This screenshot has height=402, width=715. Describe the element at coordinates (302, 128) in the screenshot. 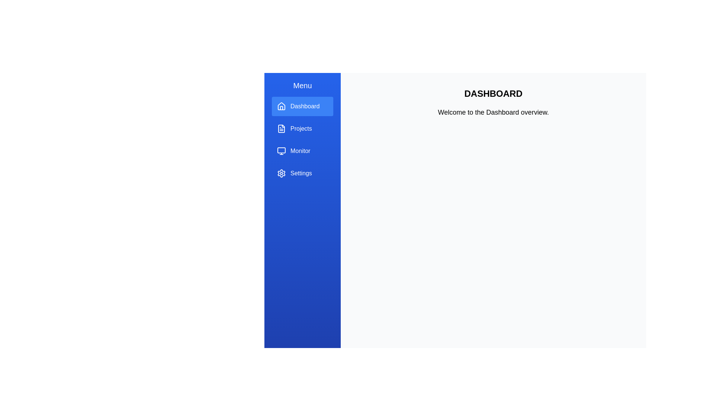

I see `the 'Projects' navigation button, which is the second item in the vertical menu of the application` at that location.